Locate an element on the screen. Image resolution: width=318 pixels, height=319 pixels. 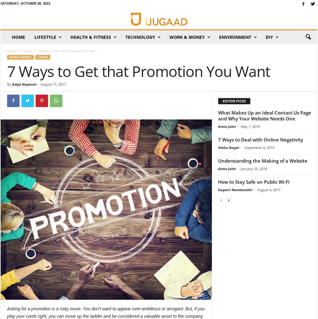
'September 8, 2019' is located at coordinates (259, 147).